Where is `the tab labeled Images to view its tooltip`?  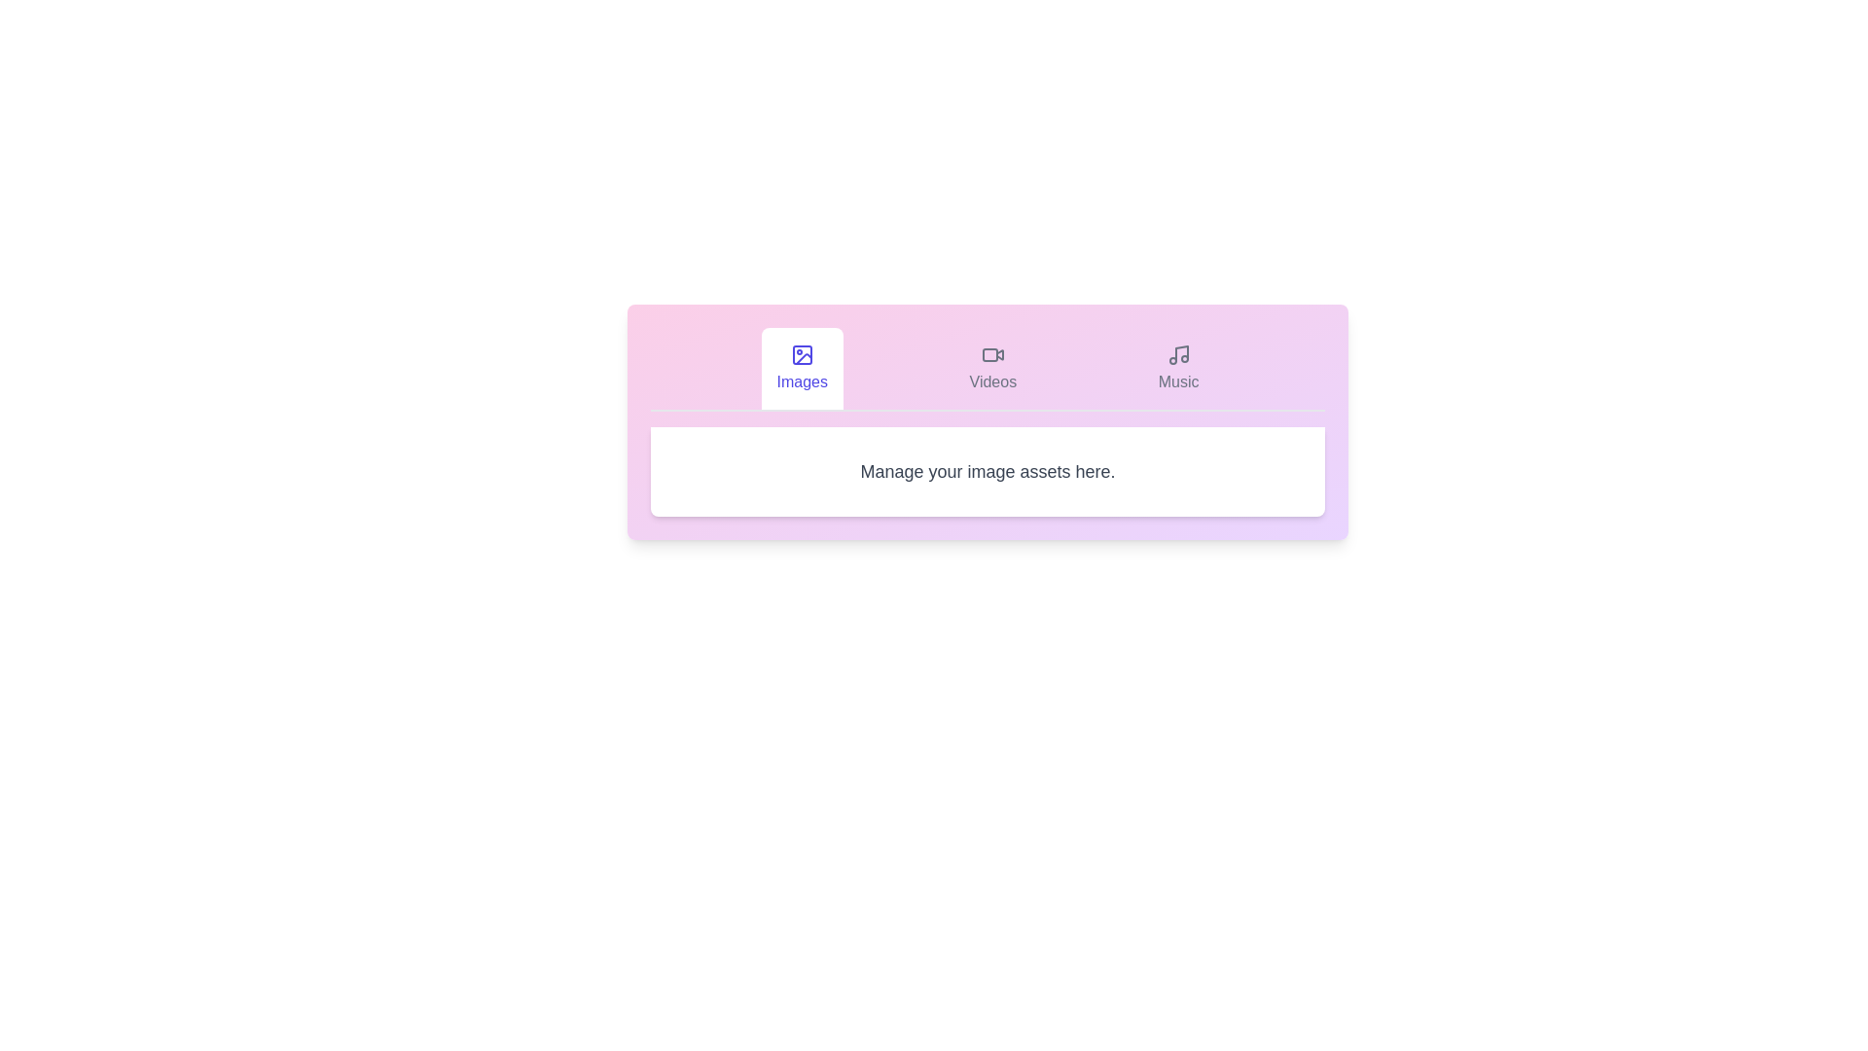
the tab labeled Images to view its tooltip is located at coordinates (802, 368).